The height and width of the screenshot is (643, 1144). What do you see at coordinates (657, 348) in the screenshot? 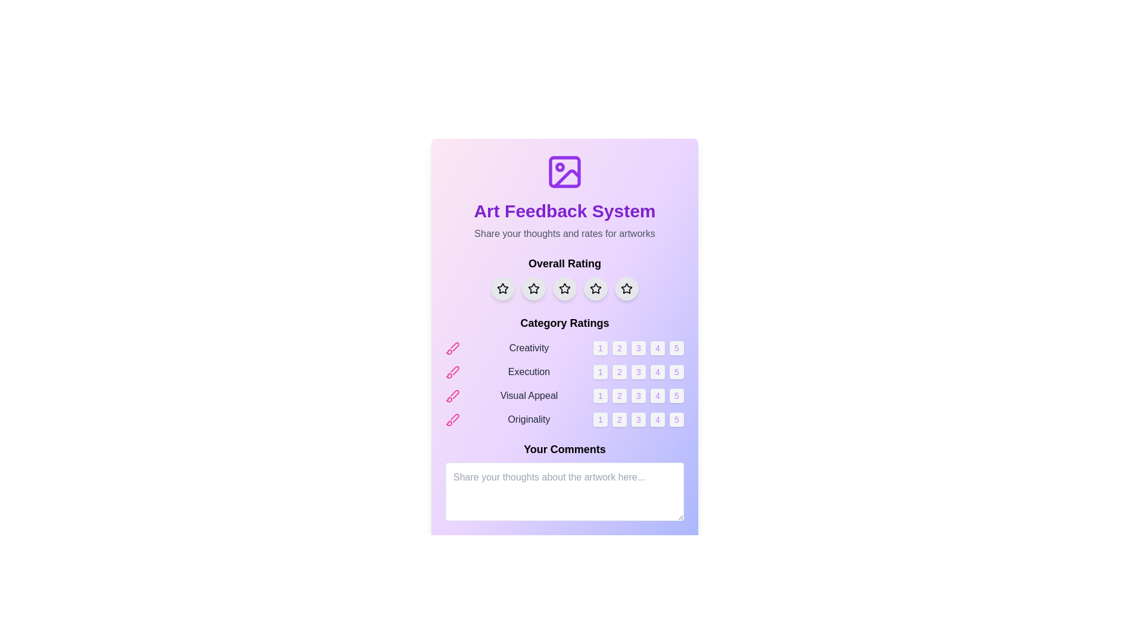
I see `the fourth button labeled '4' in the 'Creativity' category` at bounding box center [657, 348].